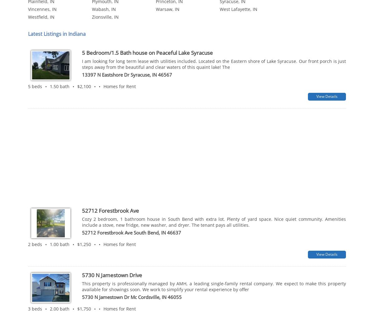 This screenshot has height=313, width=374. I want to click on 'Discover modern luxury in Franklin Township, Indianapolis! This updated gem features an open-concept design, a luxurious main-level primary bedroom with a stunning en suite, a versatile loft, and thre', so click(214, 269).